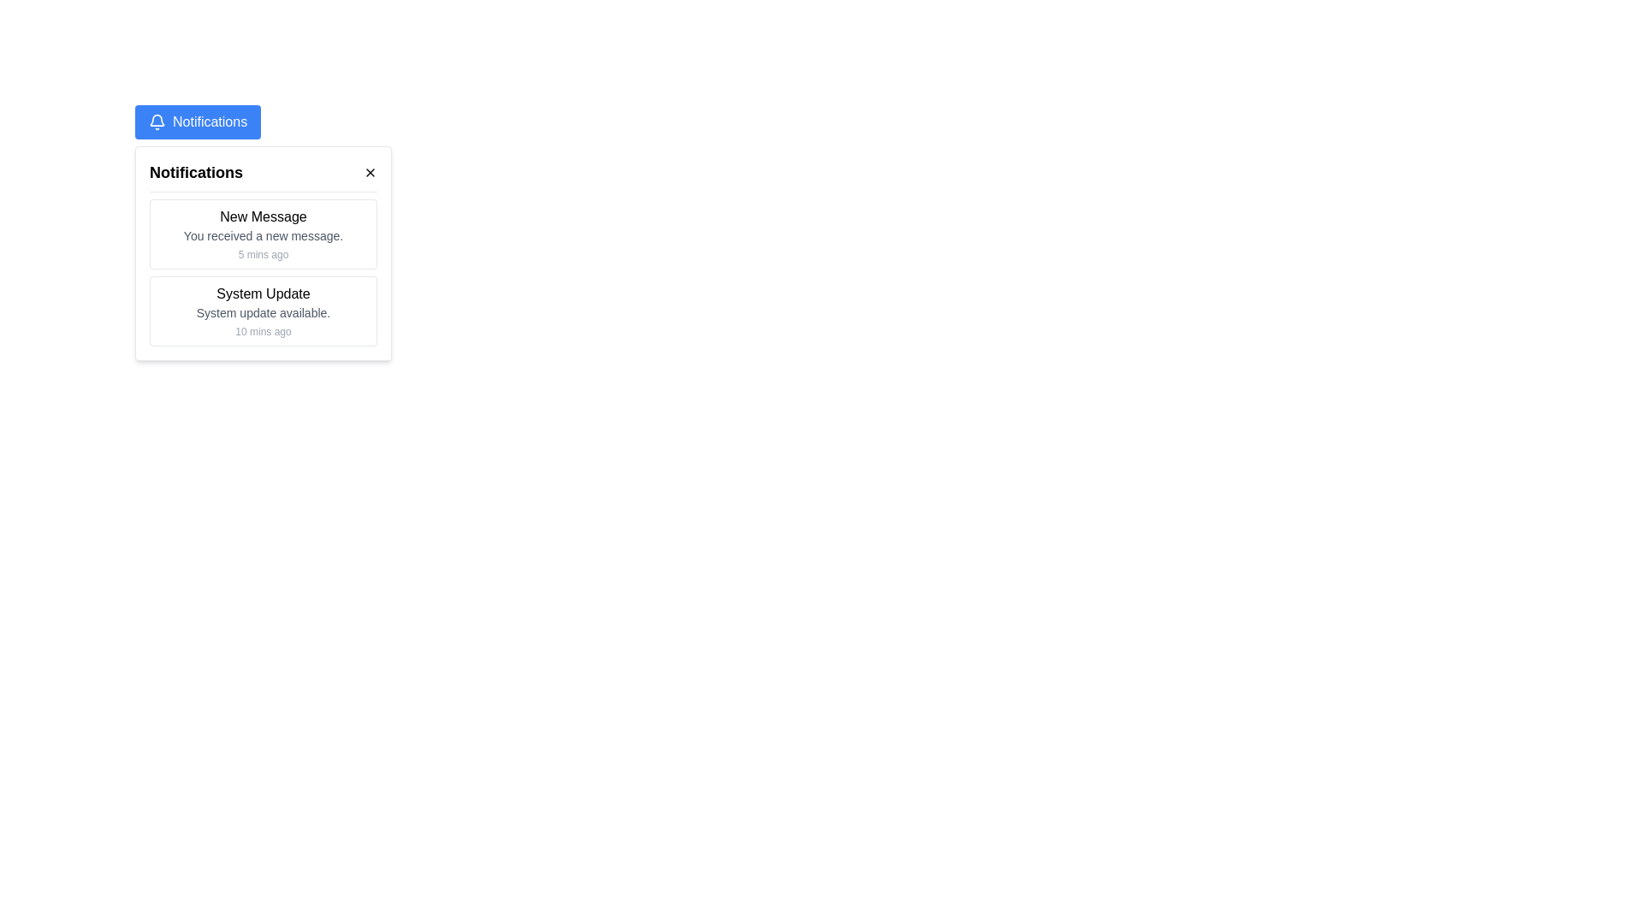 This screenshot has height=924, width=1643. Describe the element at coordinates (369, 172) in the screenshot. I see `the Close button represented by an 'X' shaped icon in black, located on the right side of the Notifications header section, to potentially reveal a tooltip or visual highlight` at that location.